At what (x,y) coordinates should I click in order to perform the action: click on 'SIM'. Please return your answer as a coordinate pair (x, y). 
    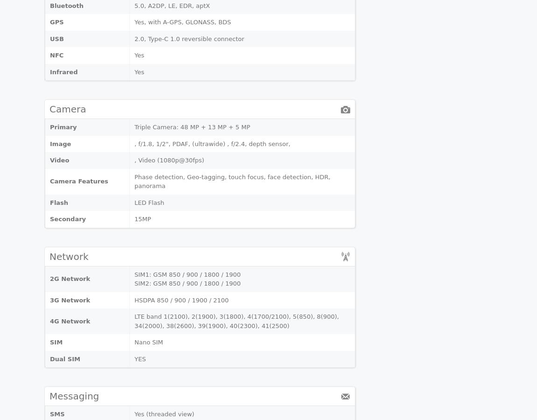
    Looking at the image, I should click on (56, 342).